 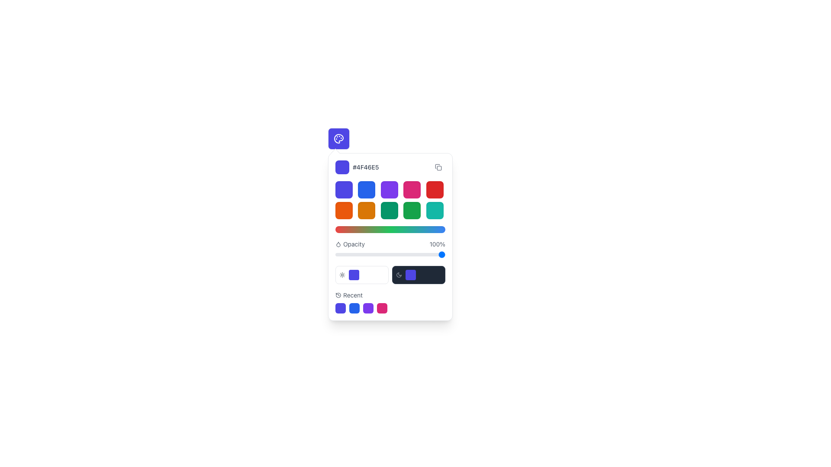 What do you see at coordinates (367, 210) in the screenshot?
I see `the orange square button with rounded corners located in the second row and second column of a 5x2 grid layout` at bounding box center [367, 210].